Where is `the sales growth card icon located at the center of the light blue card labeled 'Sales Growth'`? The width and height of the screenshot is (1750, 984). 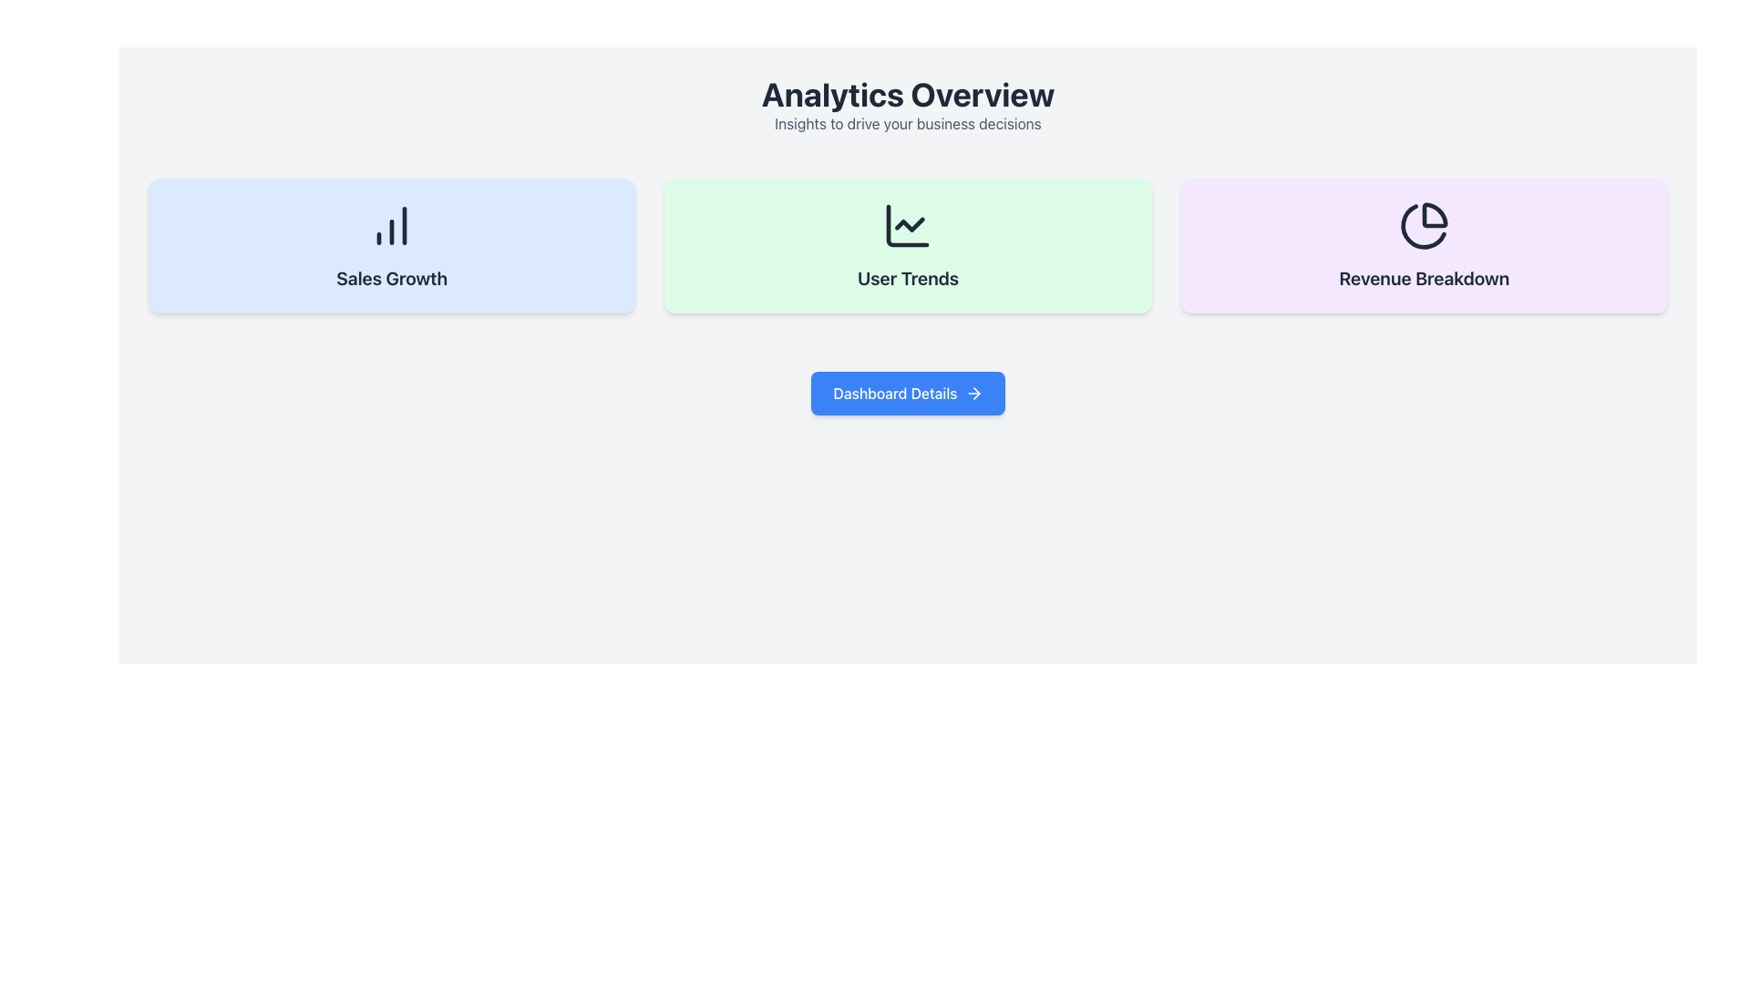 the sales growth card icon located at the center of the light blue card labeled 'Sales Growth' is located at coordinates (391, 224).